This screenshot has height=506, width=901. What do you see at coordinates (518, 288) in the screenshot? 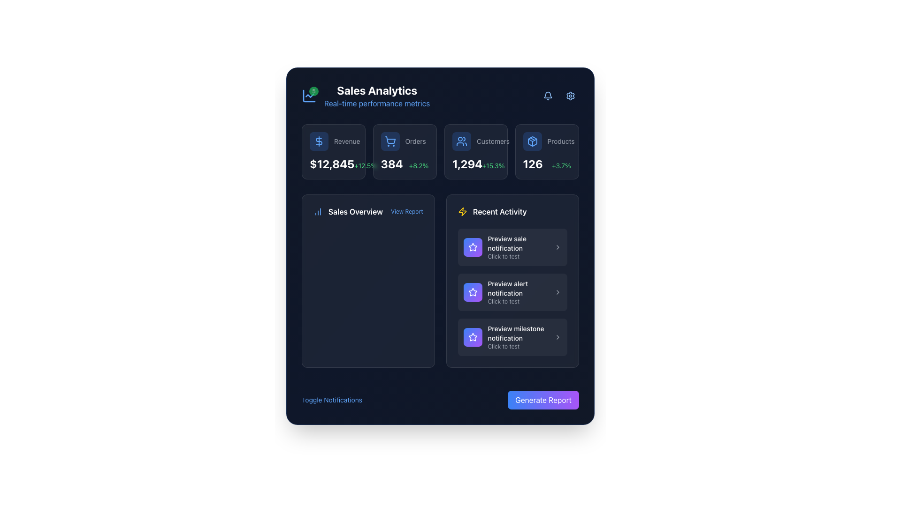
I see `the text label reading 'Preview alert notification' located in the 'Recent Activity' section, which is styled with a small bold white font against a dark background` at bounding box center [518, 288].